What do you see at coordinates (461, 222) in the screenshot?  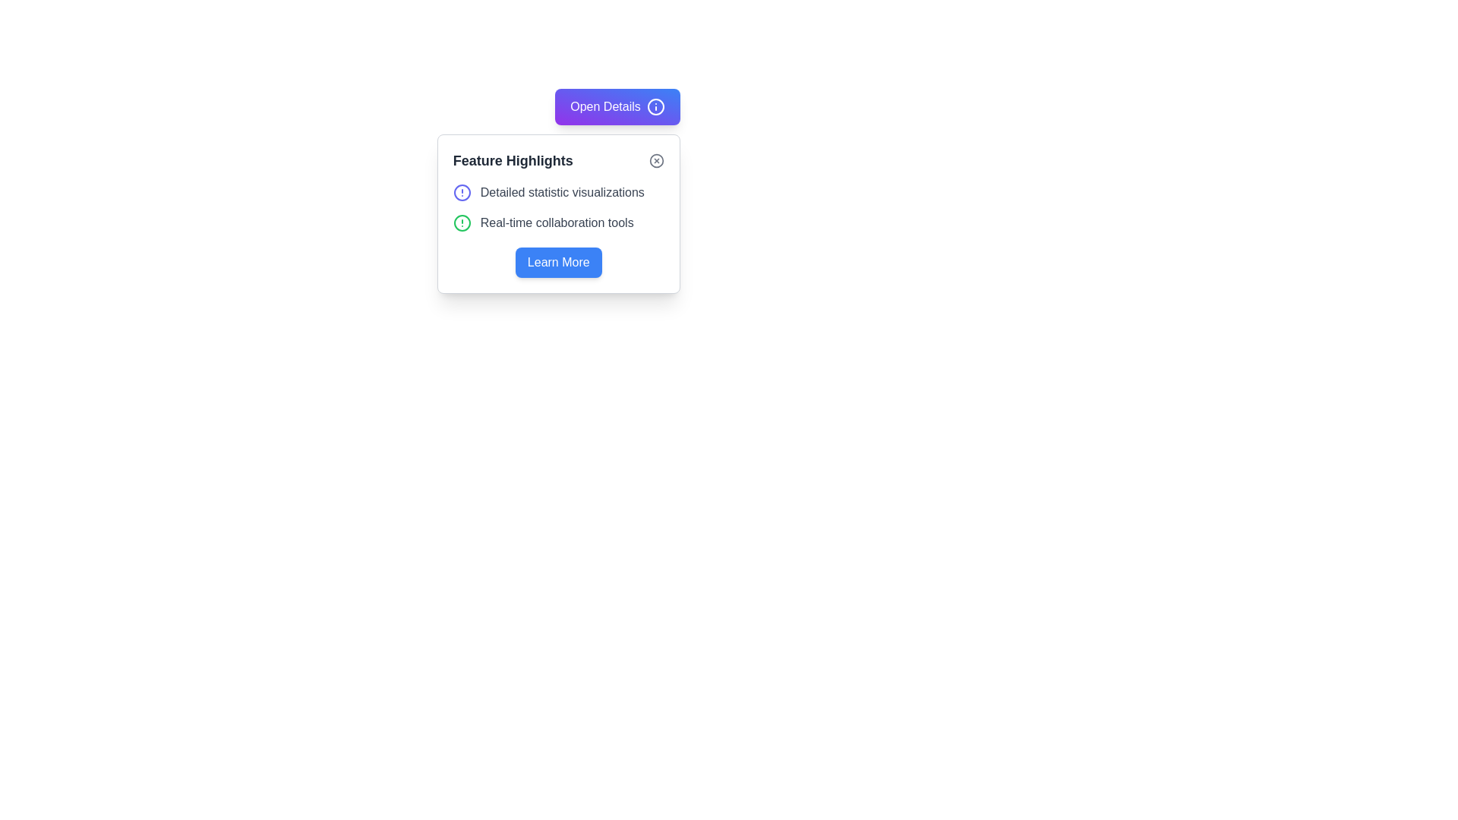 I see `the circular indicator with an exclamation mark that visually indicates the 'Real-time collaboration tools' feature, located to the left of the corresponding text within the 'Feature Highlights' section` at bounding box center [461, 222].